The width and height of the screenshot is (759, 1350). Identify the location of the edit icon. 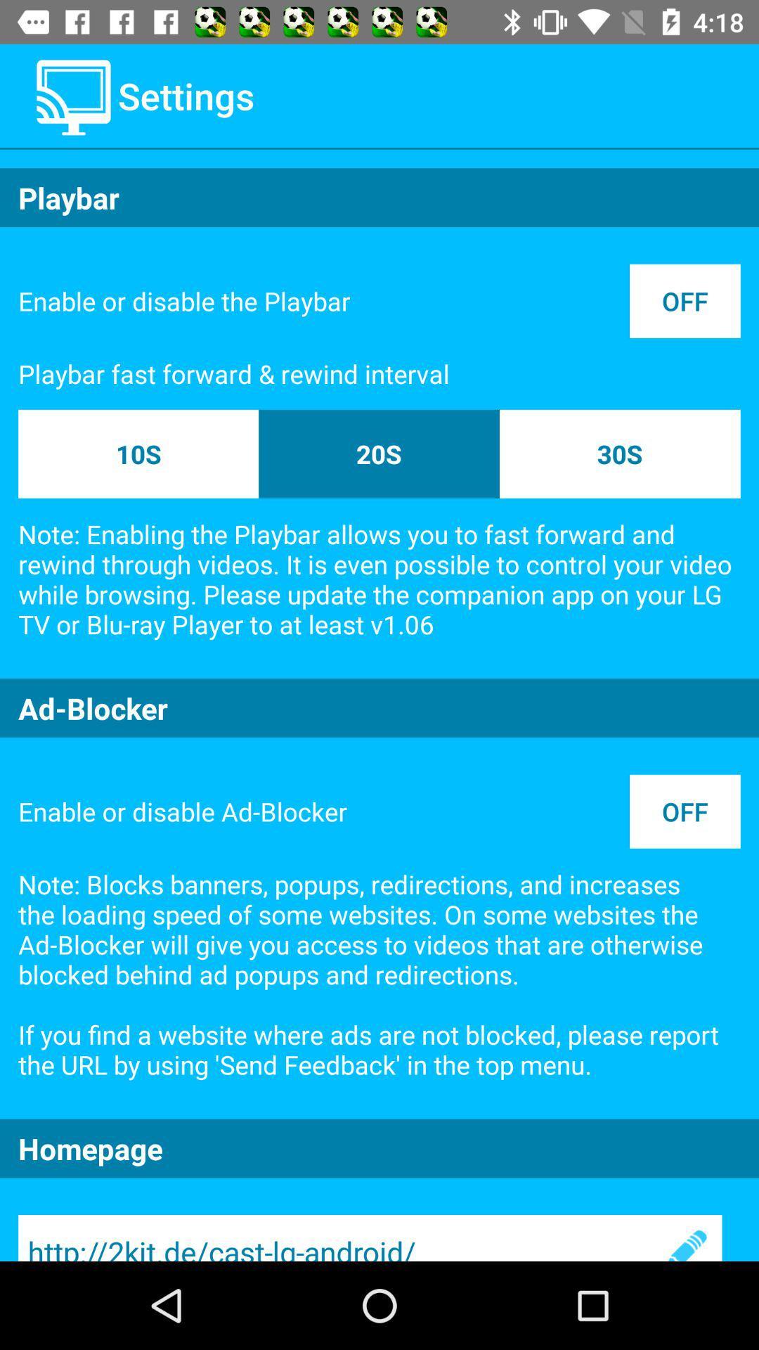
(685, 1238).